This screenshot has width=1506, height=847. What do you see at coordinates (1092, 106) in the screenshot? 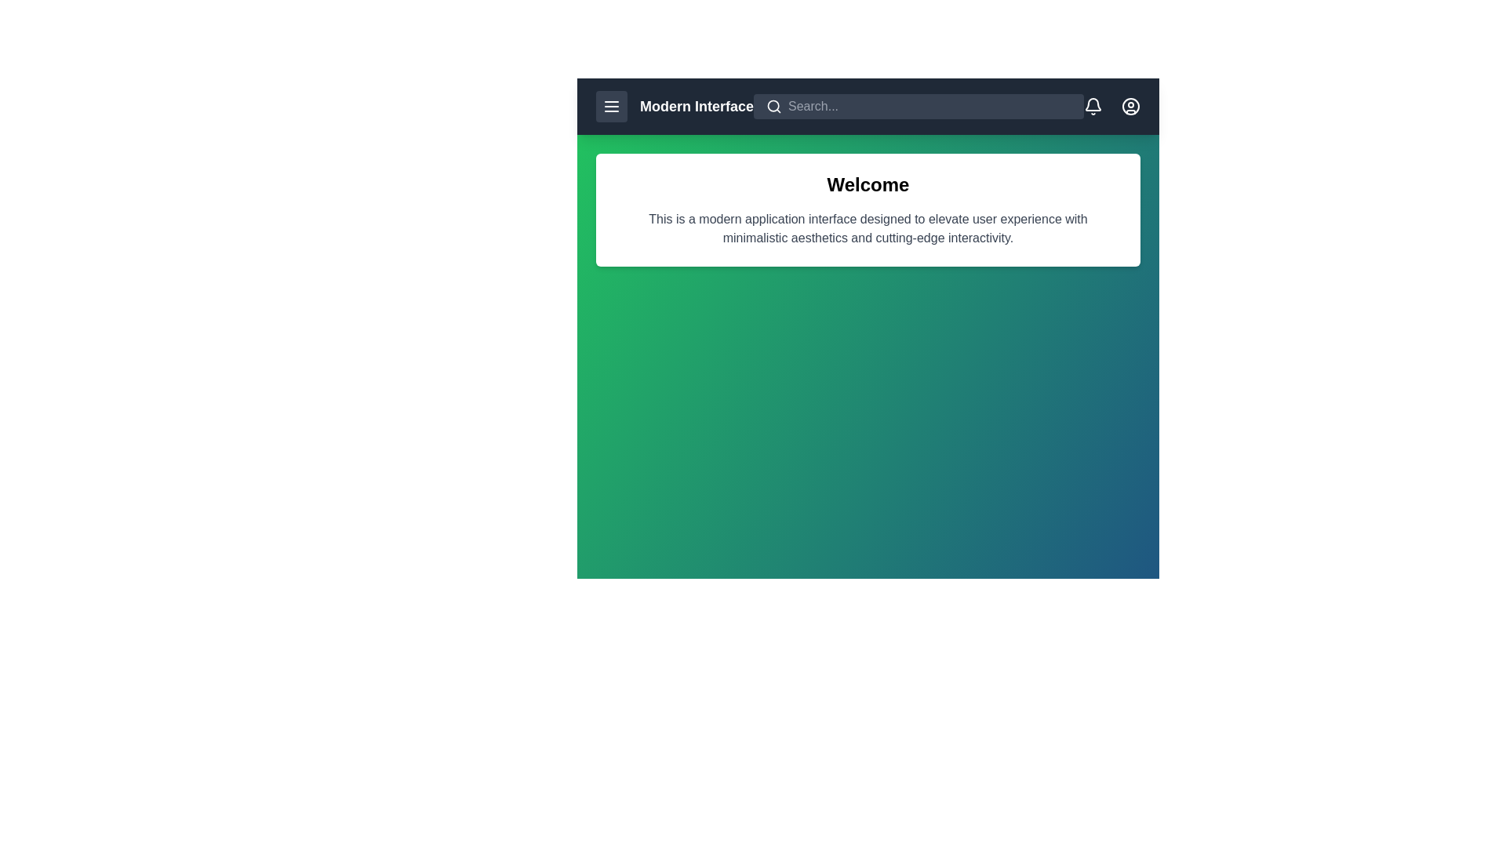
I see `the notification bell icon to view notifications` at bounding box center [1092, 106].